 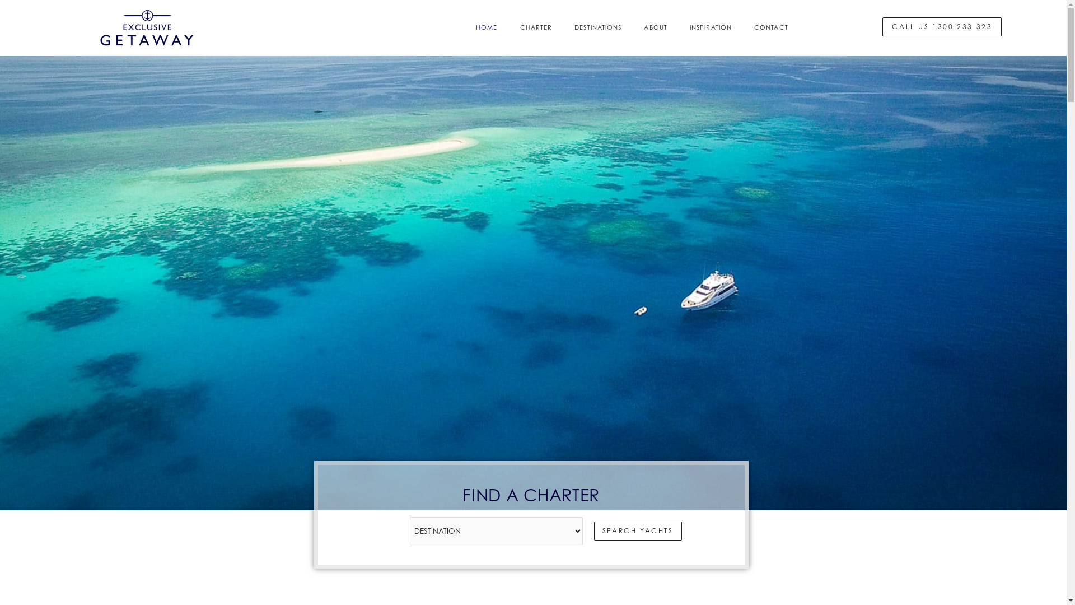 I want to click on 'ABOUT', so click(x=656, y=46).